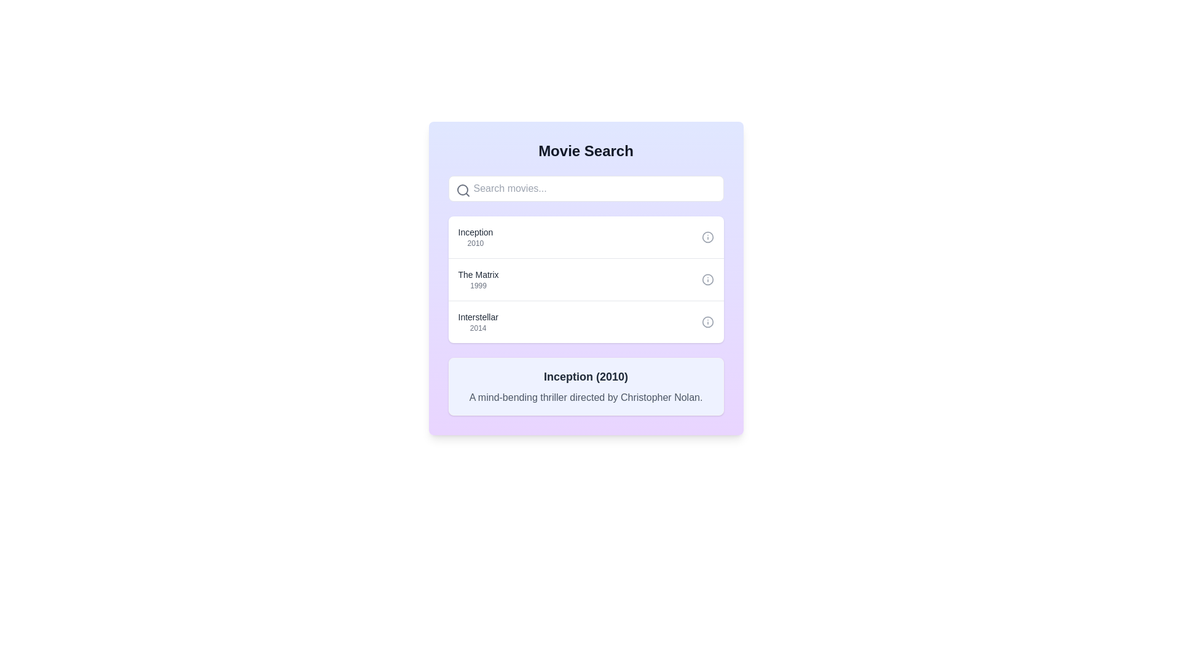  Describe the element at coordinates (707, 237) in the screenshot. I see `the gray circular outline of the SVG Circle` at that location.